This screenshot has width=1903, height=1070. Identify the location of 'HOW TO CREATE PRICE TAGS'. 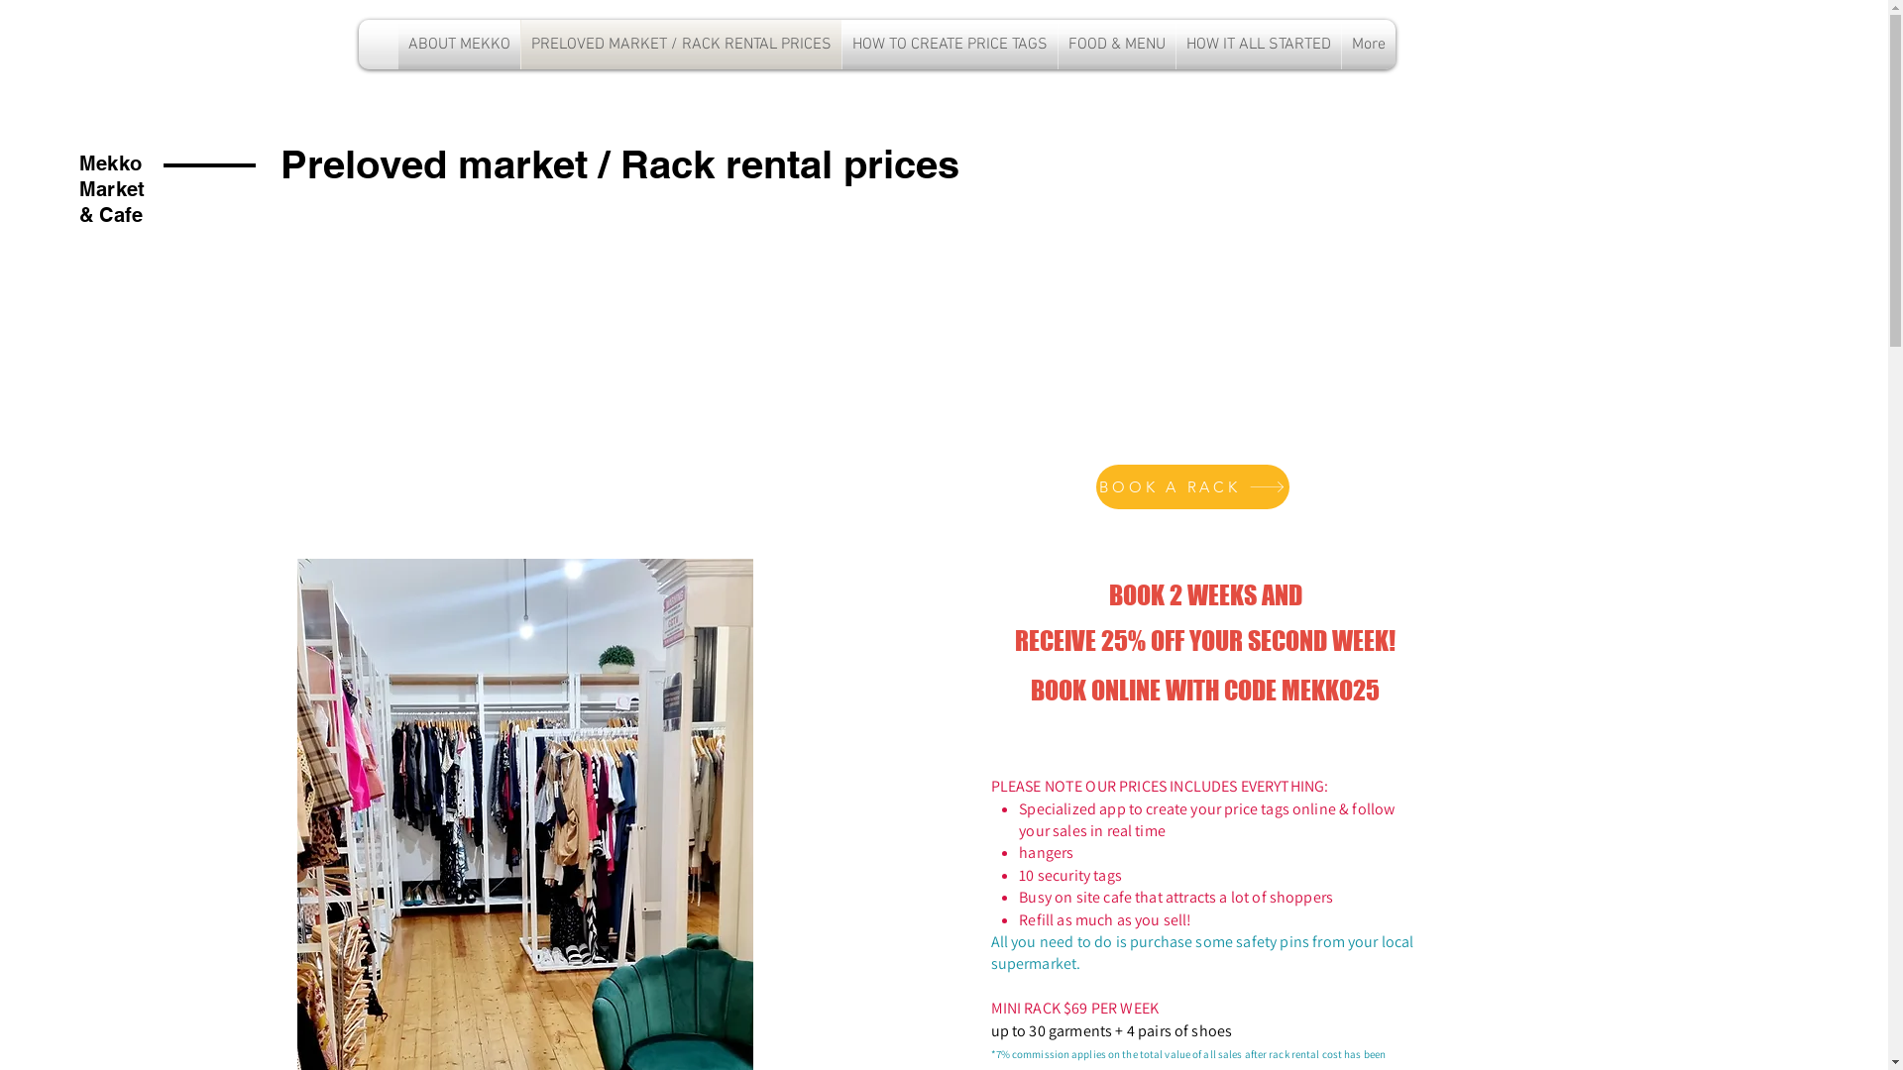
(949, 45).